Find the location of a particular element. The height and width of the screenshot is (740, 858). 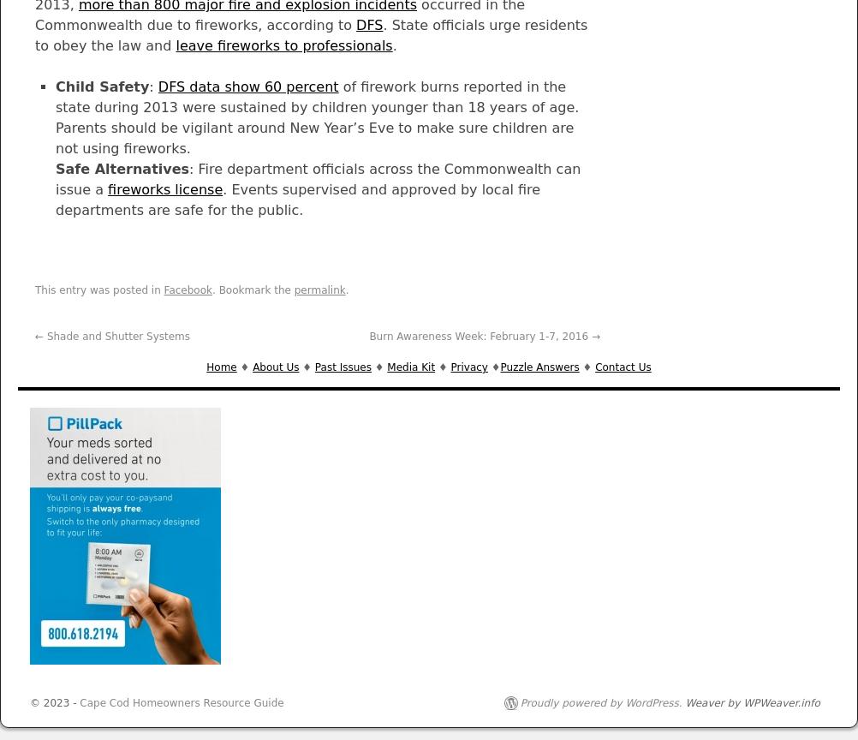

'About Us' is located at coordinates (275, 366).